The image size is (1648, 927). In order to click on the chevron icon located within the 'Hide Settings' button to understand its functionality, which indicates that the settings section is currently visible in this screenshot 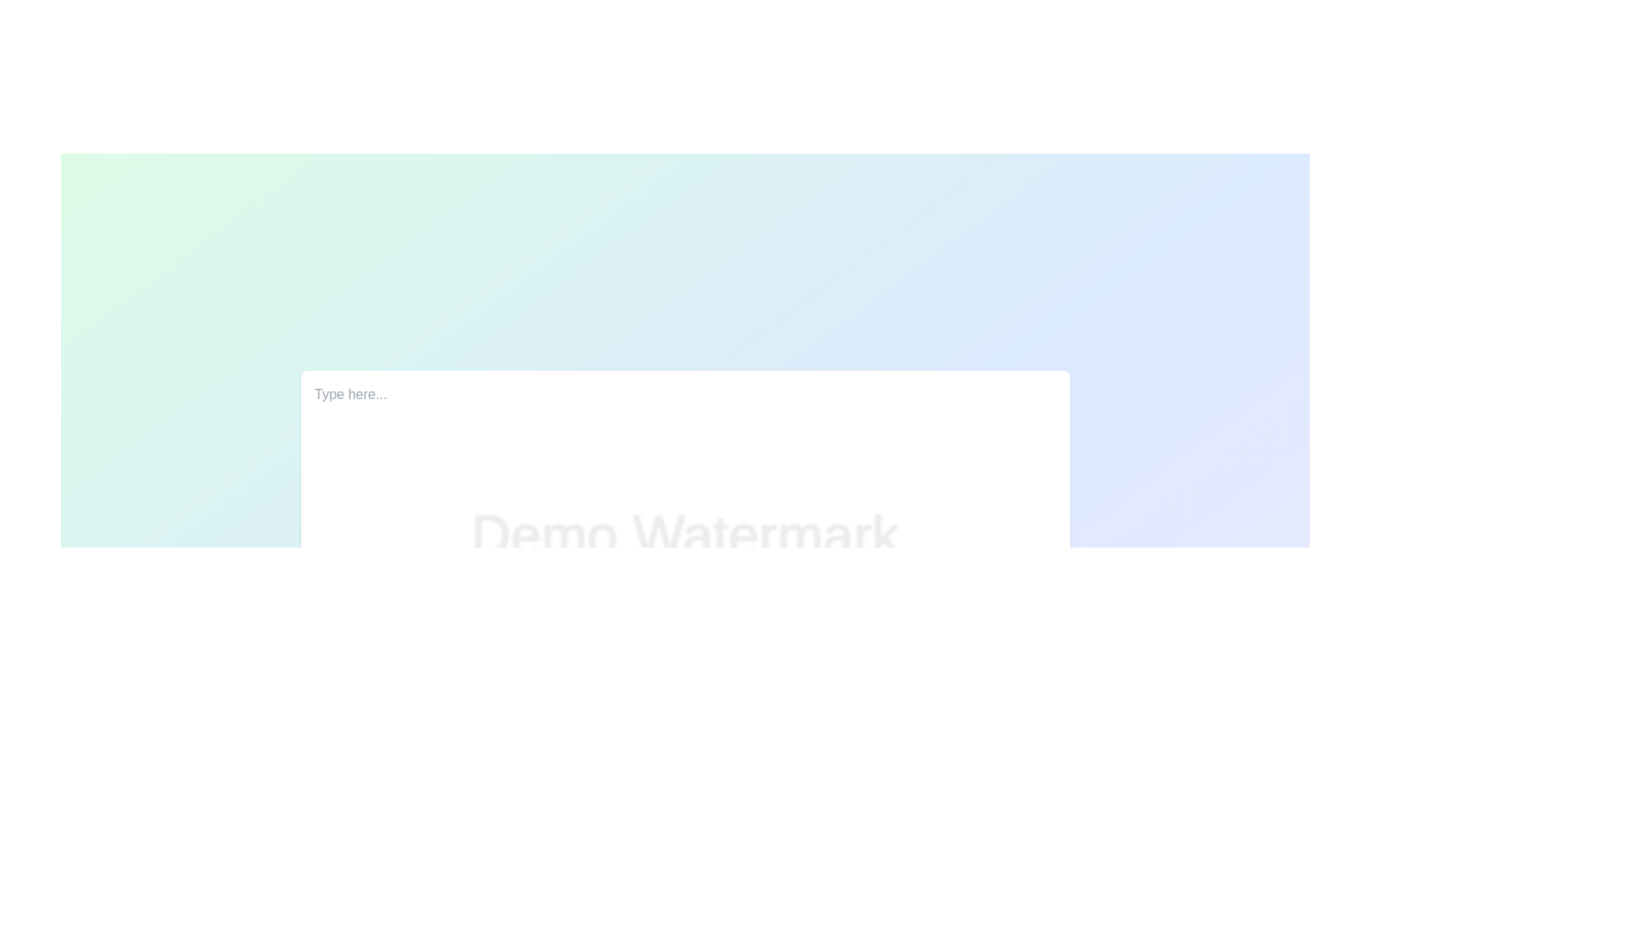, I will do `click(639, 845)`.